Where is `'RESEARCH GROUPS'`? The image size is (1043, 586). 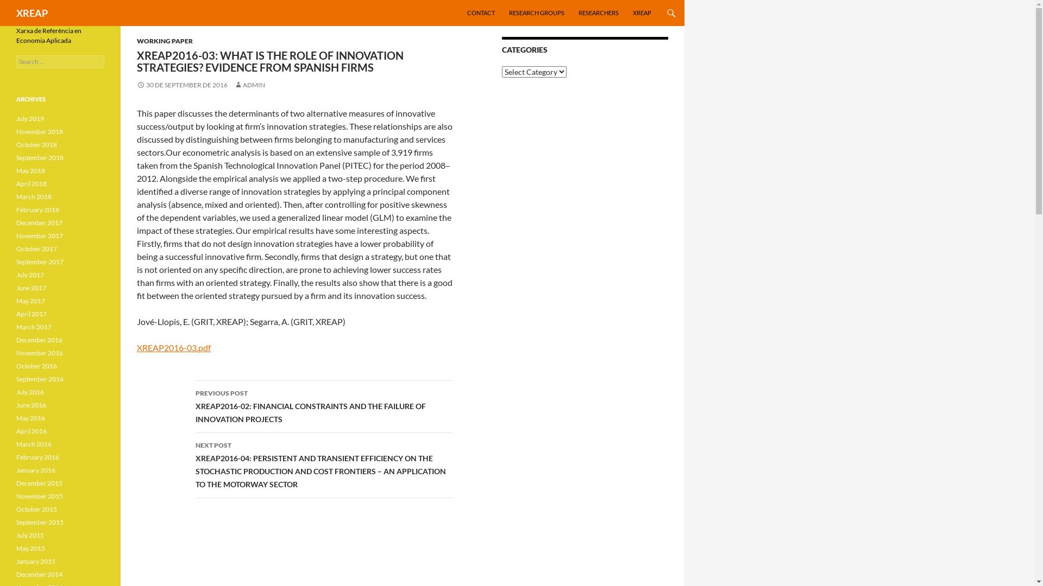 'RESEARCH GROUPS' is located at coordinates (537, 12).